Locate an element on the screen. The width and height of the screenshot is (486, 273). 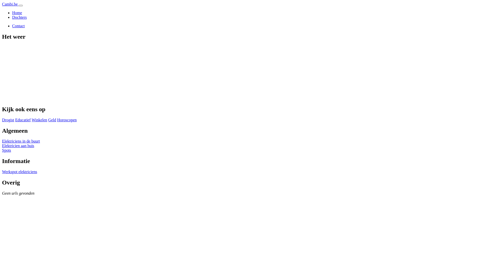
'Spots' is located at coordinates (6, 150).